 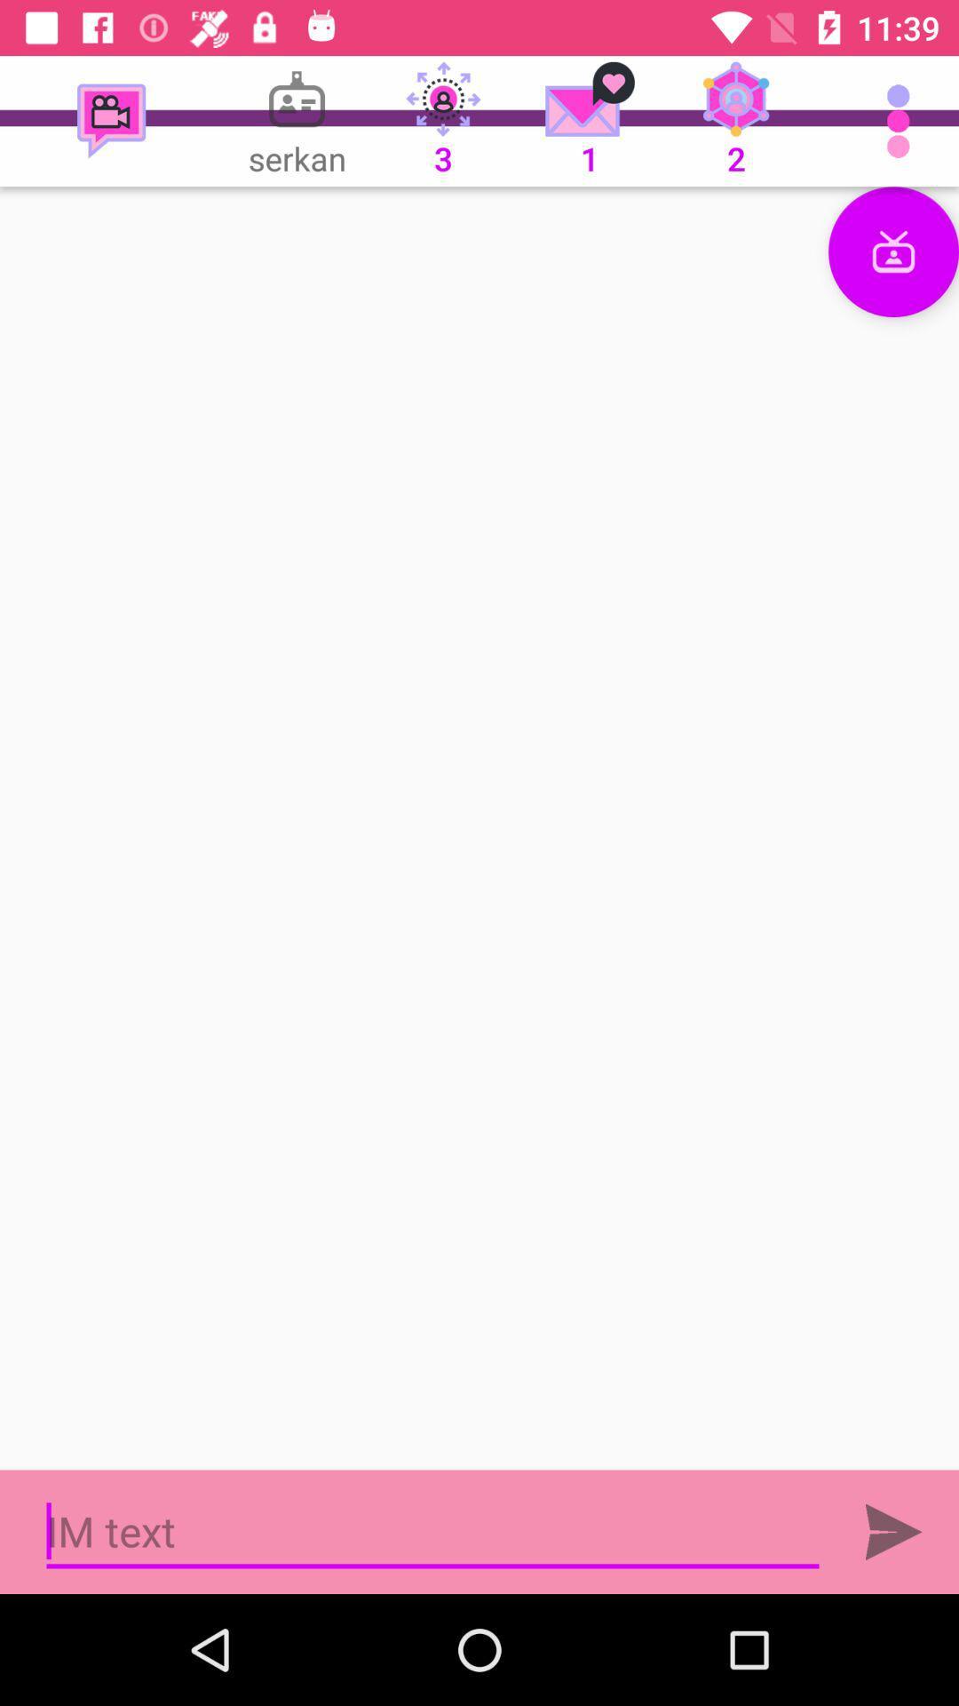 What do you see at coordinates (432, 1531) in the screenshot?
I see `im text search` at bounding box center [432, 1531].